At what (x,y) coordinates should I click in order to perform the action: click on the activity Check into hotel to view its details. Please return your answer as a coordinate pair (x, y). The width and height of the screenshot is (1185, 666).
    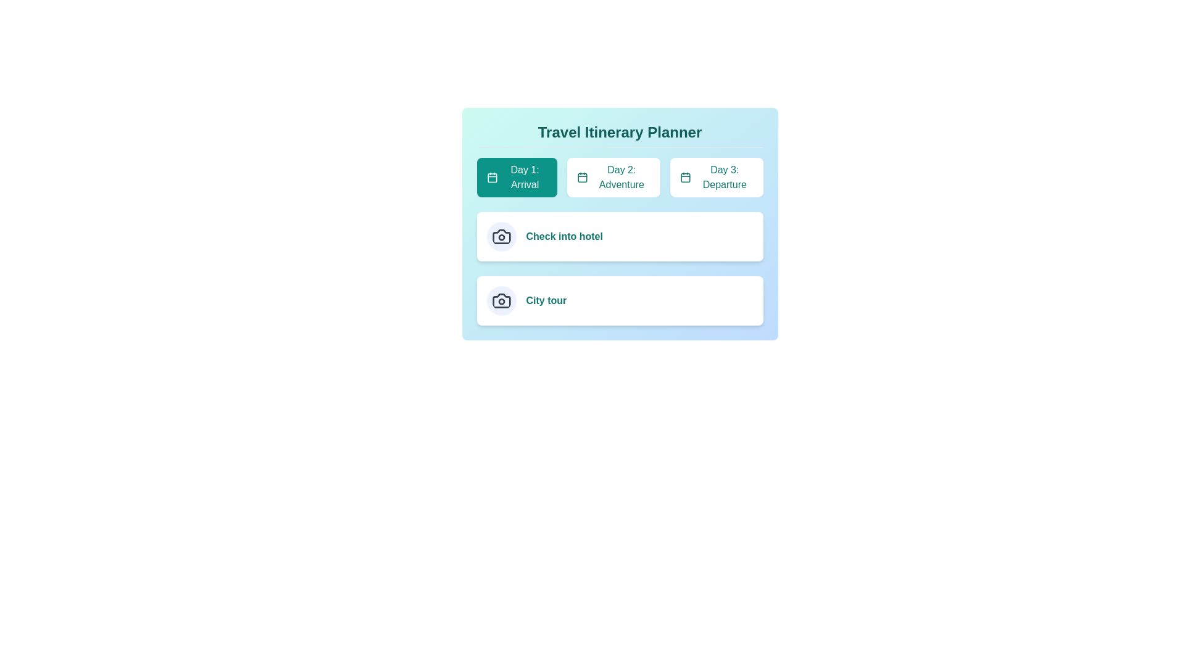
    Looking at the image, I should click on (501, 237).